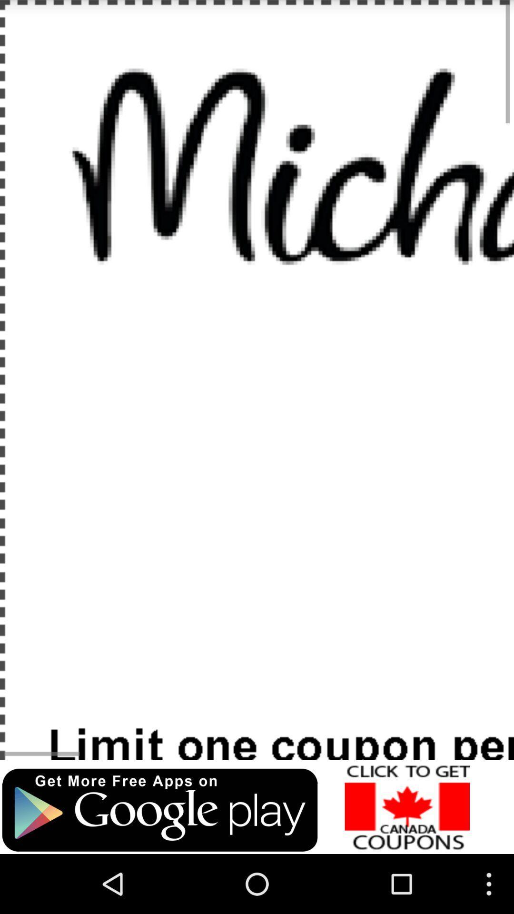  What do you see at coordinates (407, 806) in the screenshot?
I see `open advertisement` at bounding box center [407, 806].